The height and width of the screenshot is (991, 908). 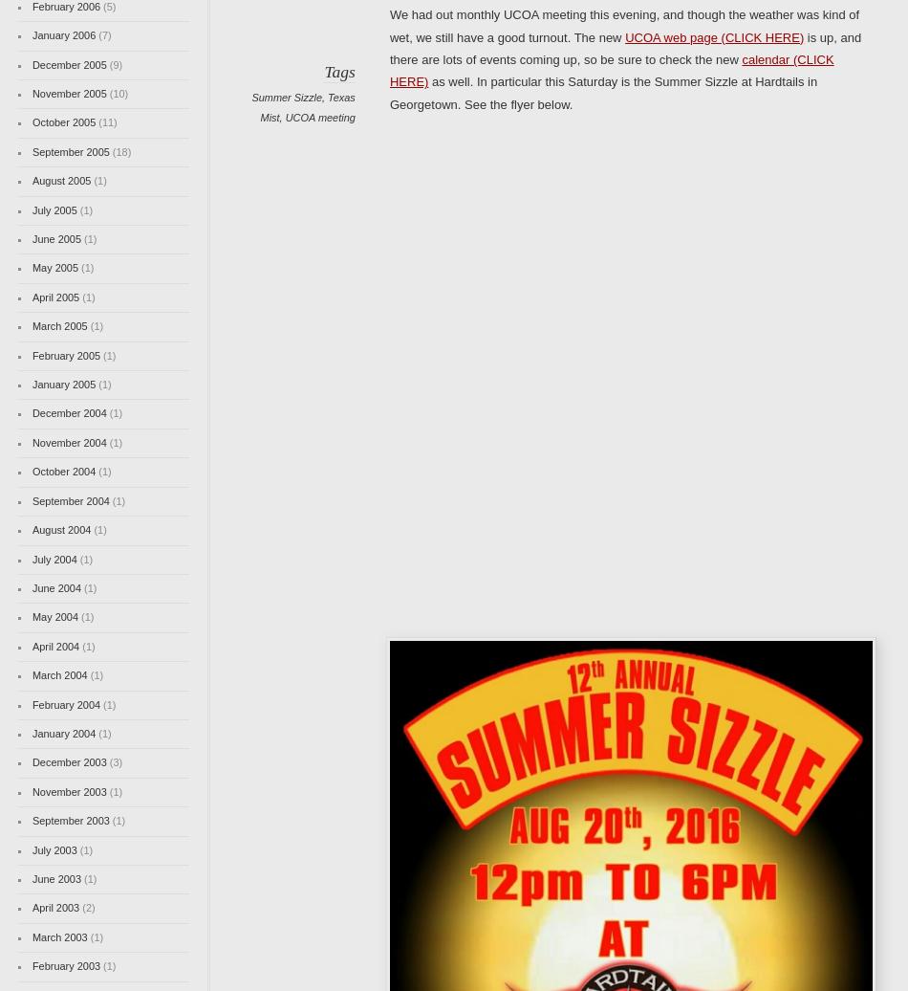 What do you see at coordinates (285, 97) in the screenshot?
I see `'Summer Sizzle'` at bounding box center [285, 97].